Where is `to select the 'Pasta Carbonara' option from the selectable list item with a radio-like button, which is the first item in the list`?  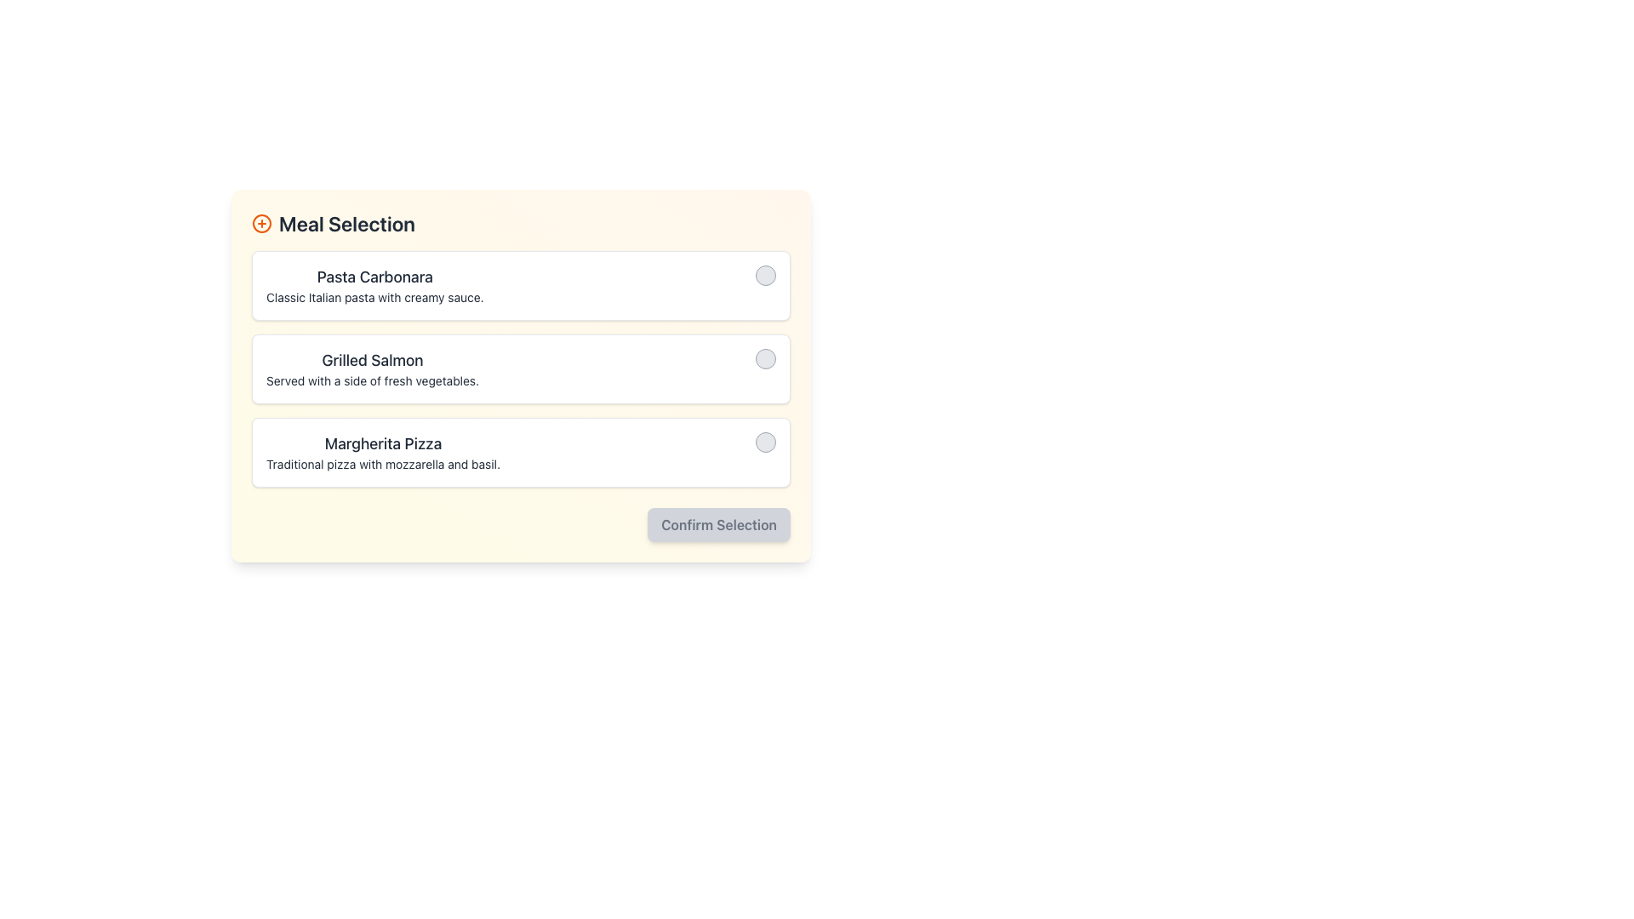 to select the 'Pasta Carbonara' option from the selectable list item with a radio-like button, which is the first item in the list is located at coordinates (520, 284).